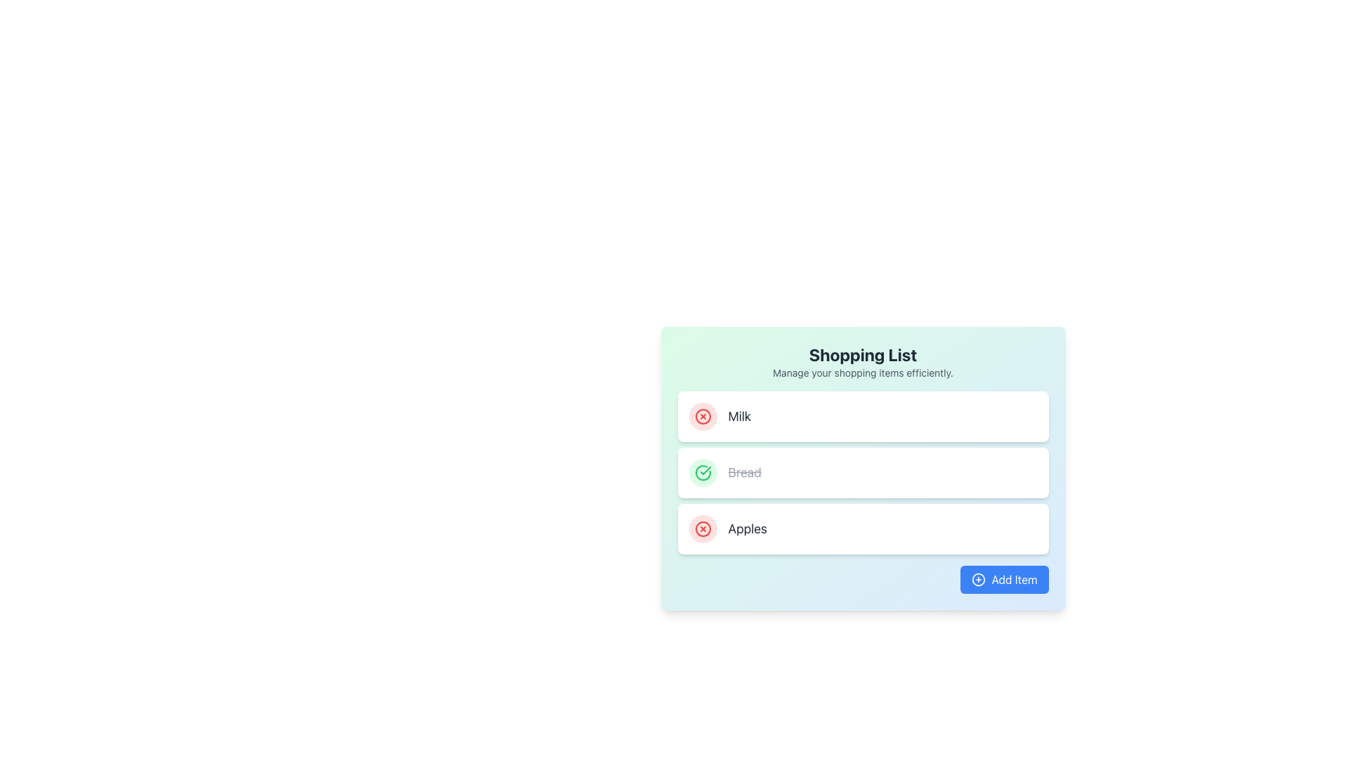 The width and height of the screenshot is (1349, 759). I want to click on the Text Label that serves as a title for the shopping list section, positioned at the top-center of the widget, above the text 'Manage your shopping items efficiently.', so click(862, 354).